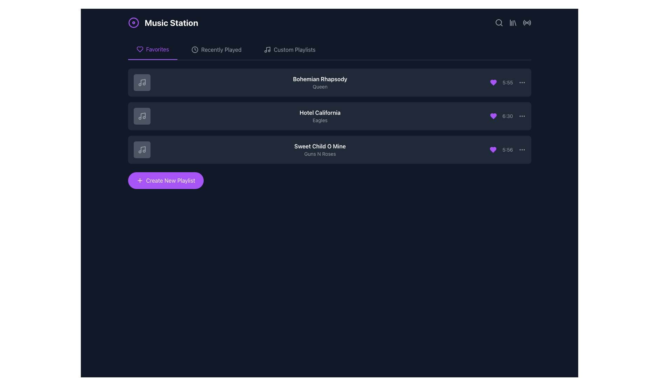 The height and width of the screenshot is (378, 672). What do you see at coordinates (141, 115) in the screenshot?
I see `the square-shaped dark gray Icon button with a music note icon, located in the 'Favorites' section before 'Hotel California' by the Eagles` at bounding box center [141, 115].